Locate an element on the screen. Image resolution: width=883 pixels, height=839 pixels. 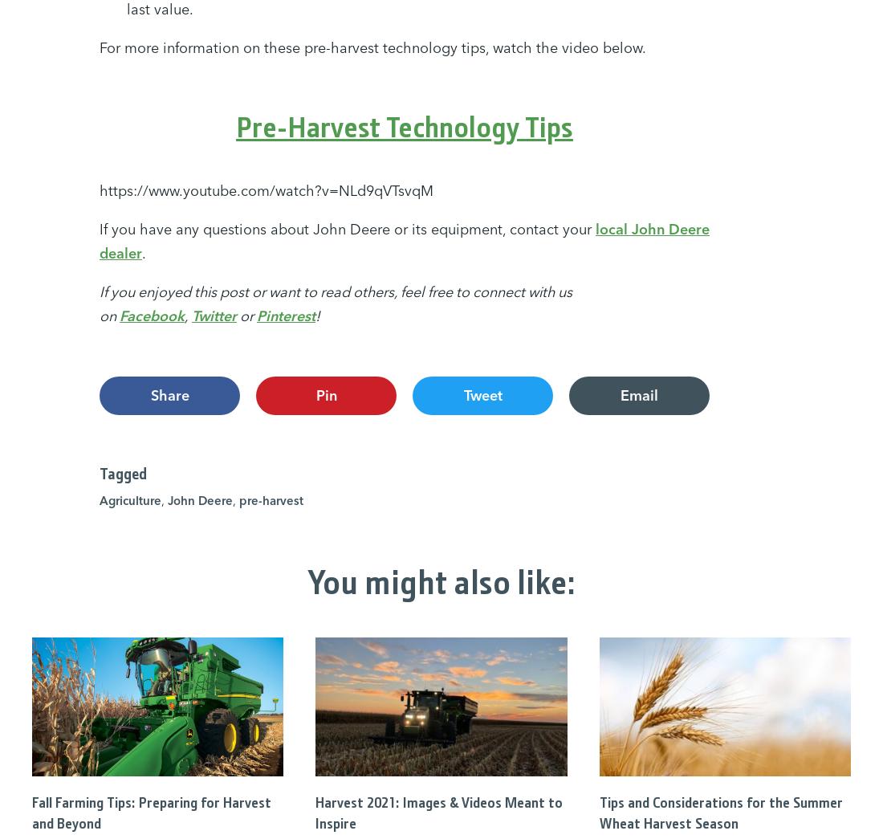
'Fall Farming Tips: Preparing for Harvest and Beyond' is located at coordinates (150, 812).